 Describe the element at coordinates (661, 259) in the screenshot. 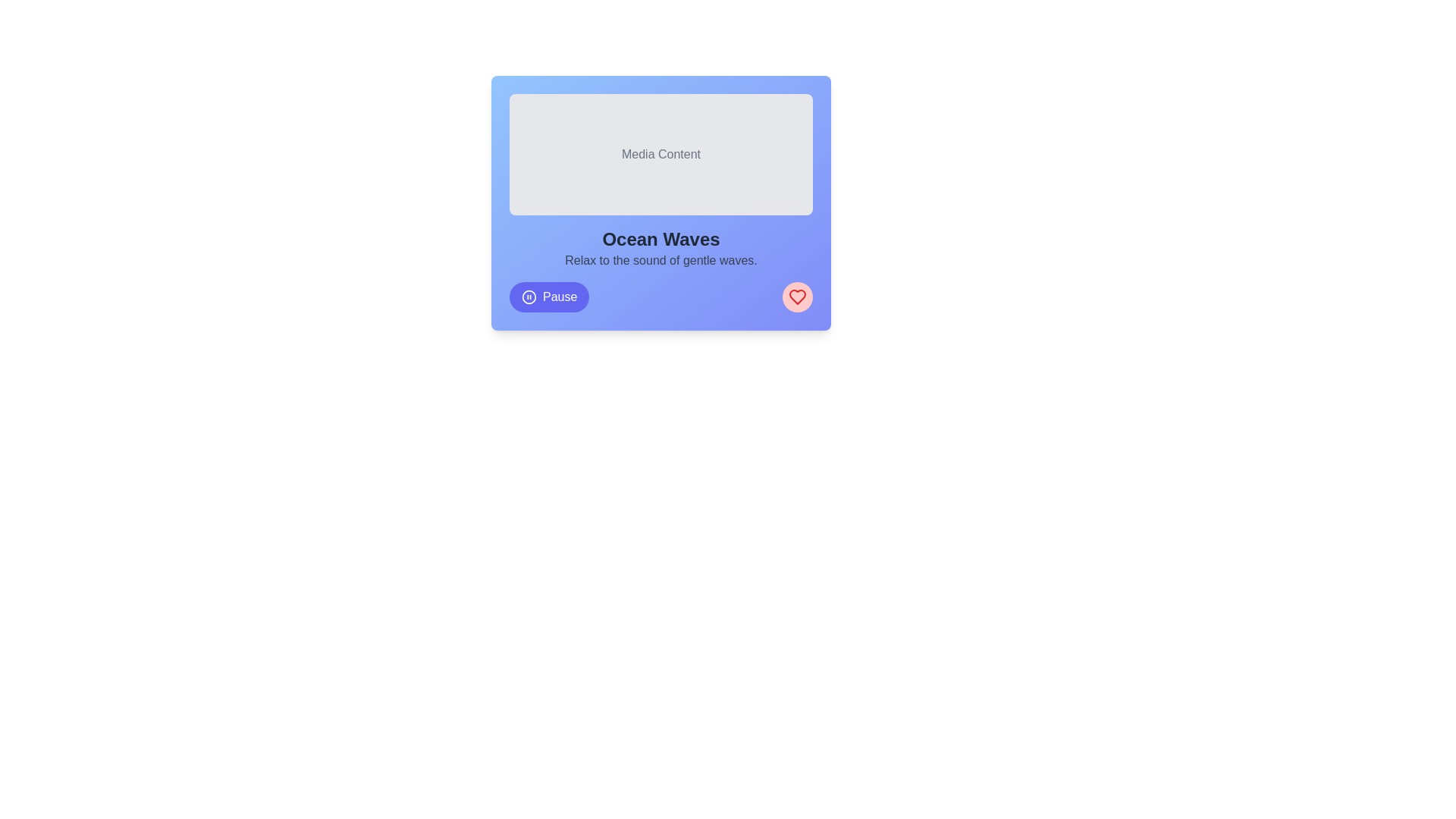

I see `the static informational text that states 'Relax to the sound of gentle waves.' which is styled in gray against a blue gradient background, located below 'Ocean Waves'` at that location.